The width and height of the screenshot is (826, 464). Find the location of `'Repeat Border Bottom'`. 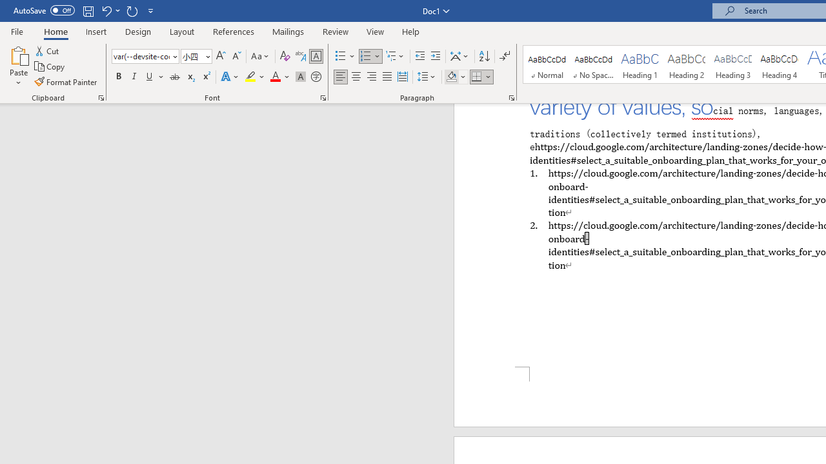

'Repeat Border Bottom' is located at coordinates (132, 10).